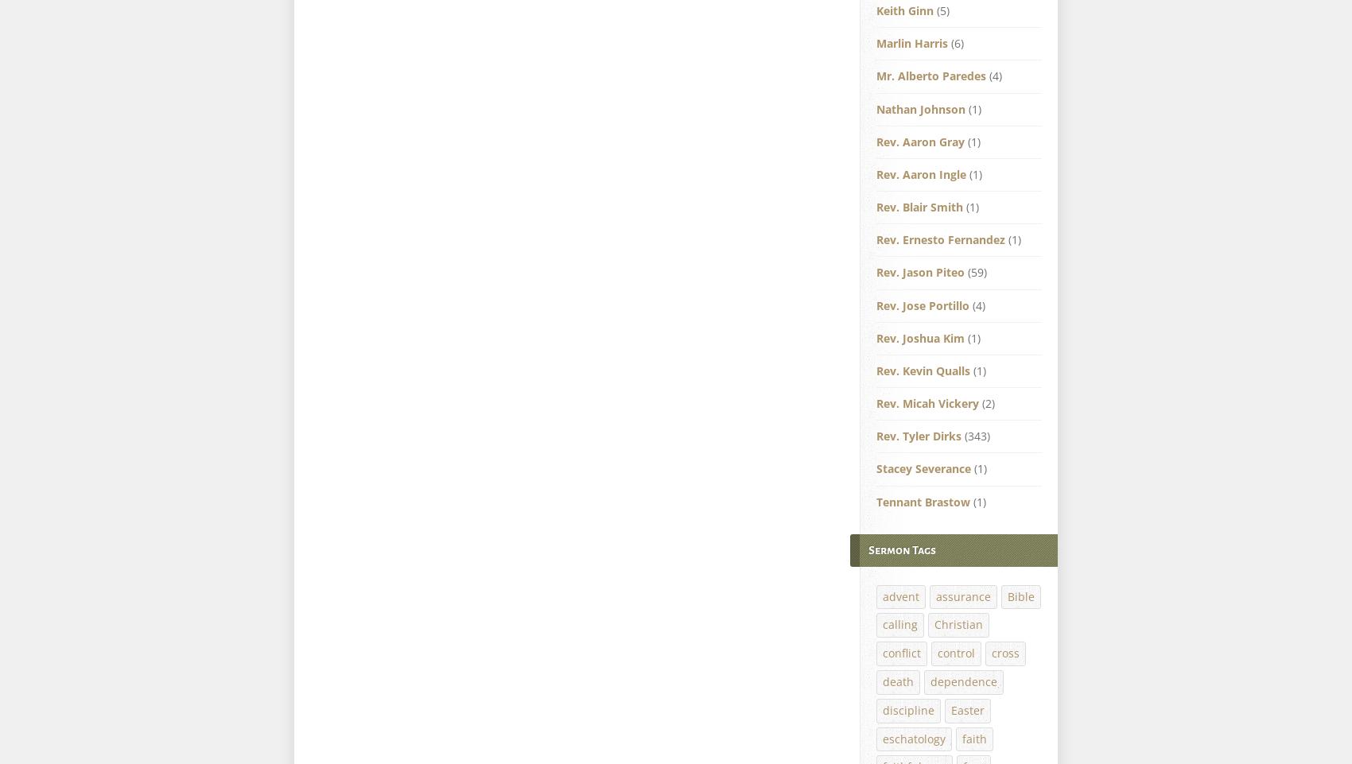  What do you see at coordinates (900, 623) in the screenshot?
I see `'calling'` at bounding box center [900, 623].